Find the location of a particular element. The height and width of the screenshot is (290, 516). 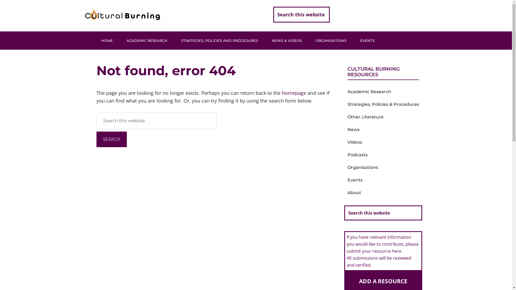

'Skip to main content' is located at coordinates (0, 0).